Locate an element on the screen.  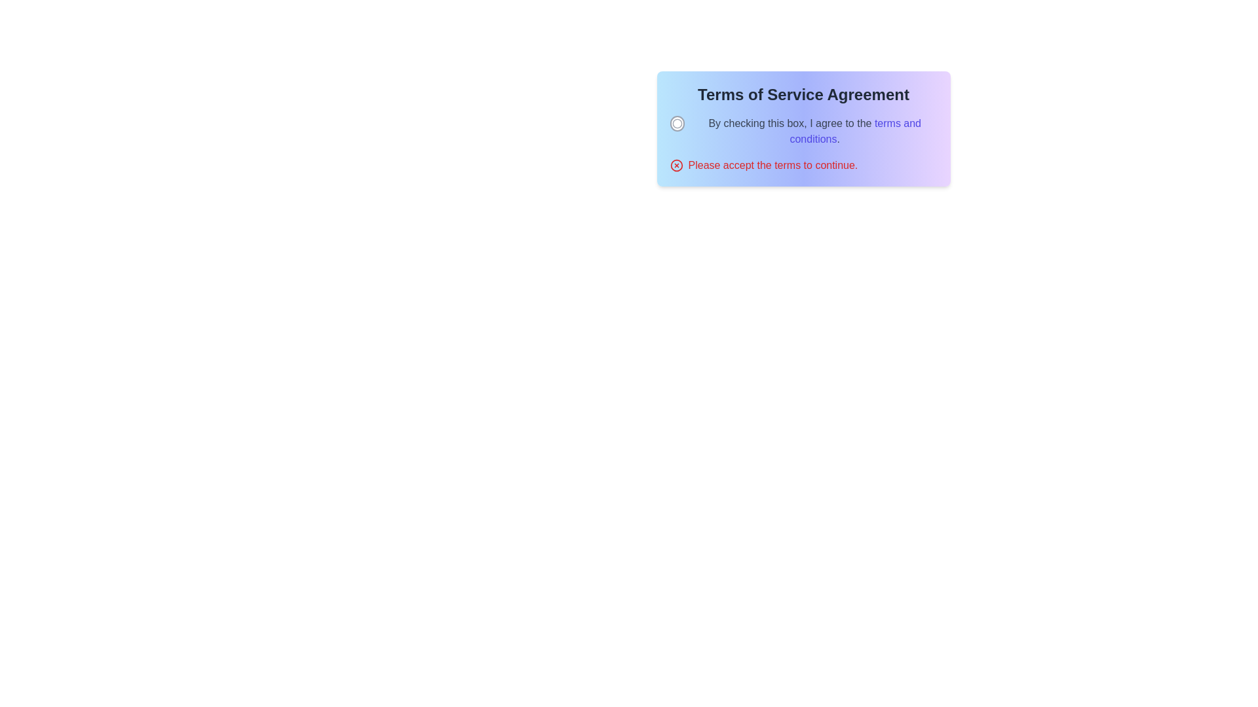
'Terms of Service Agreement' panel, which features a bold heading and a checkbox for accepting the terms, located at the center of the interface is located at coordinates (803, 128).